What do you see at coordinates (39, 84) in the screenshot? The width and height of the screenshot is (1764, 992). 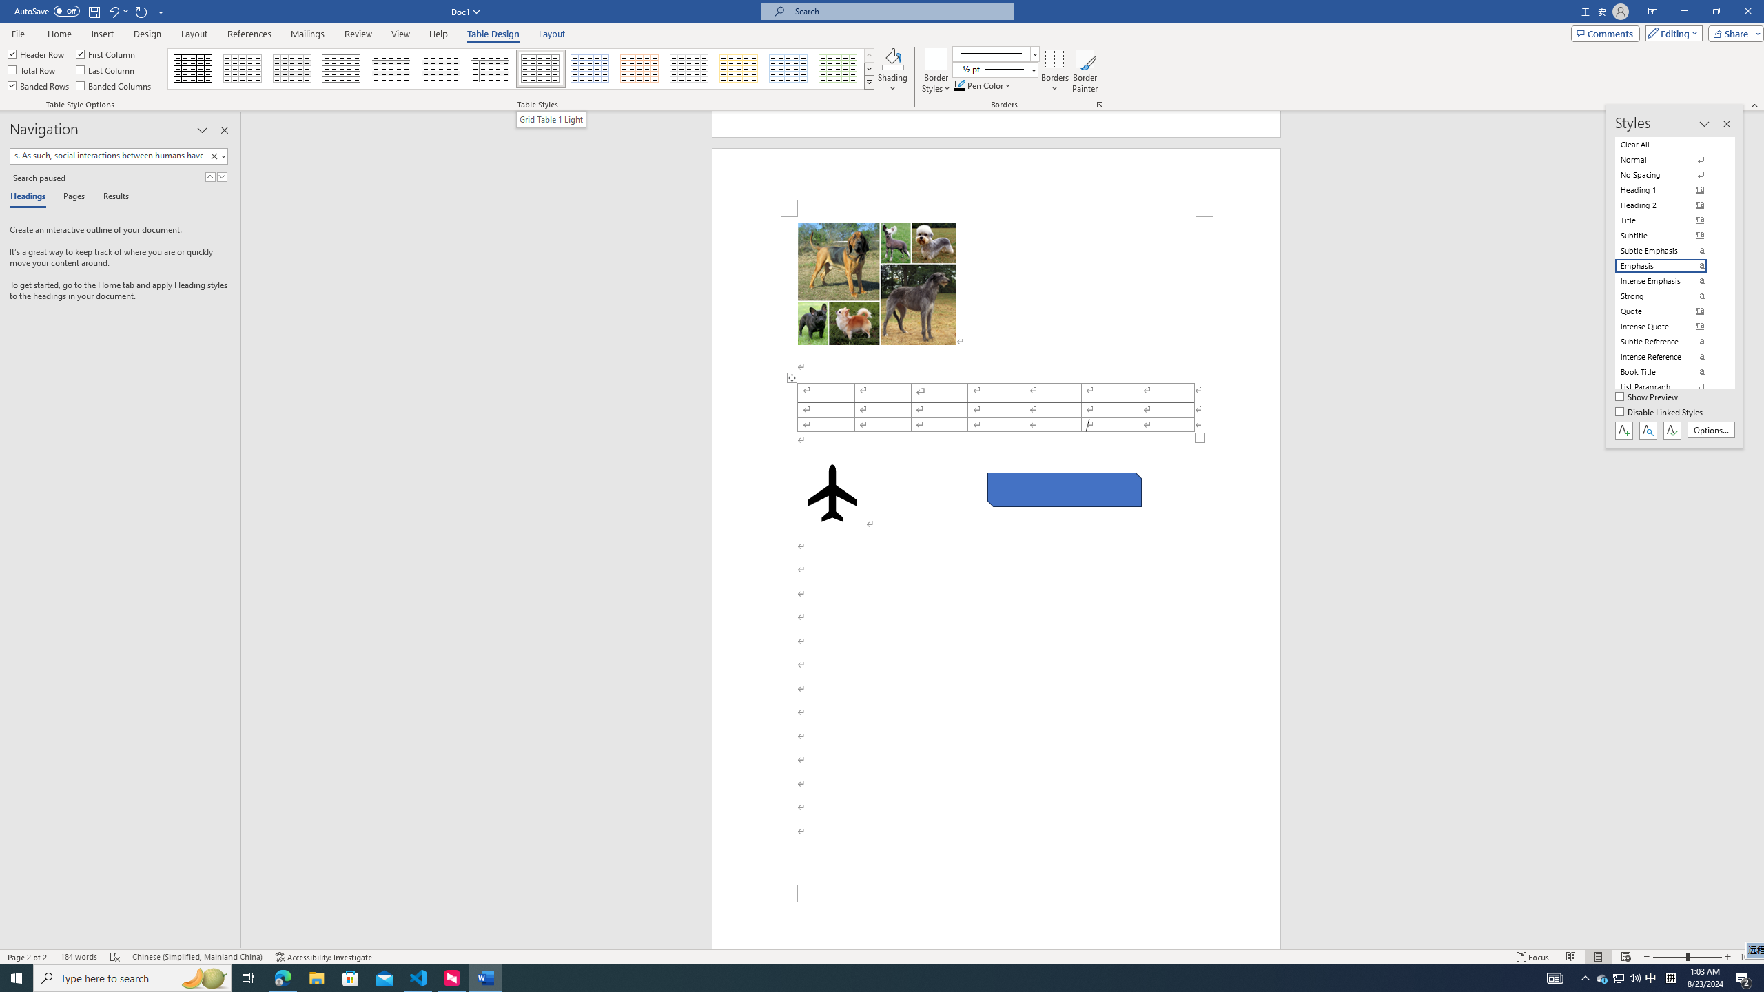 I see `'Banded Rows'` at bounding box center [39, 84].